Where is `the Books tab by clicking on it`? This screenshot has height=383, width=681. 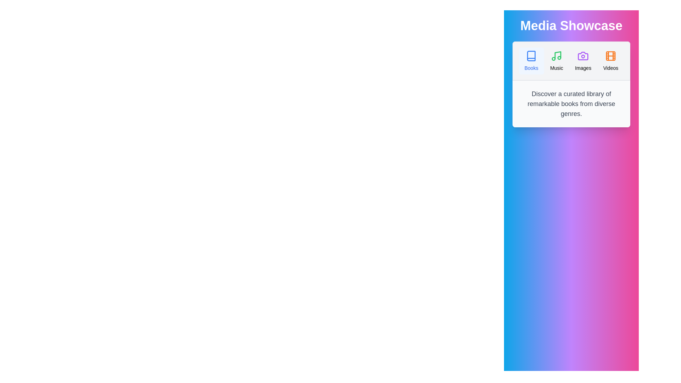
the Books tab by clicking on it is located at coordinates (531, 61).